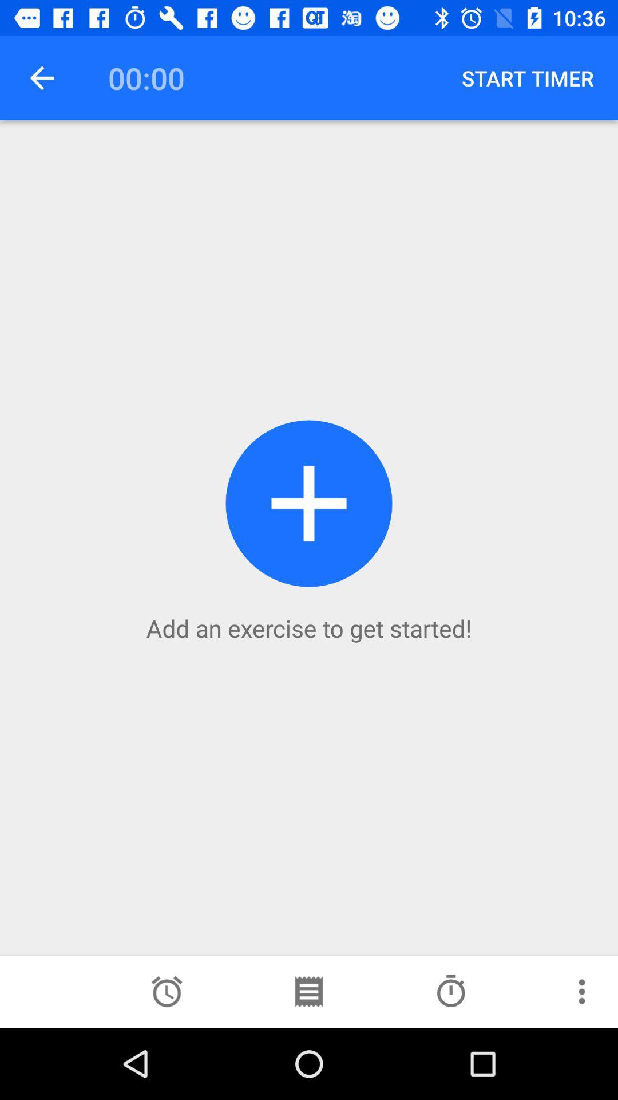  I want to click on choose alarm, so click(167, 991).